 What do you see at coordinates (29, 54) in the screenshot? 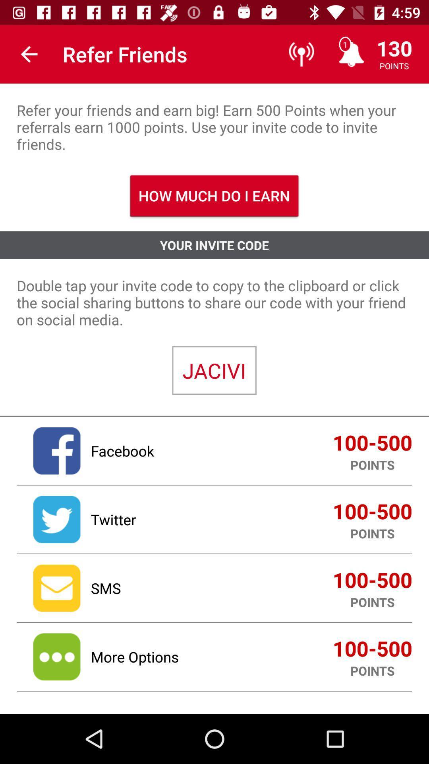
I see `the item next to refer friends icon` at bounding box center [29, 54].